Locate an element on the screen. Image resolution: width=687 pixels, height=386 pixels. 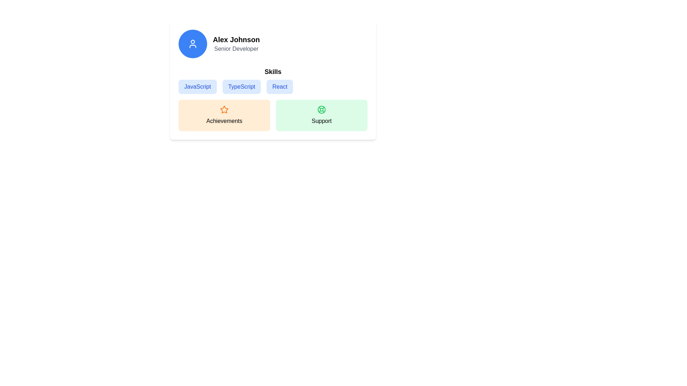
the static text label that denotes the section for skills, located directly below the 'Alex Johnson Senior Developer' header is located at coordinates (273, 71).